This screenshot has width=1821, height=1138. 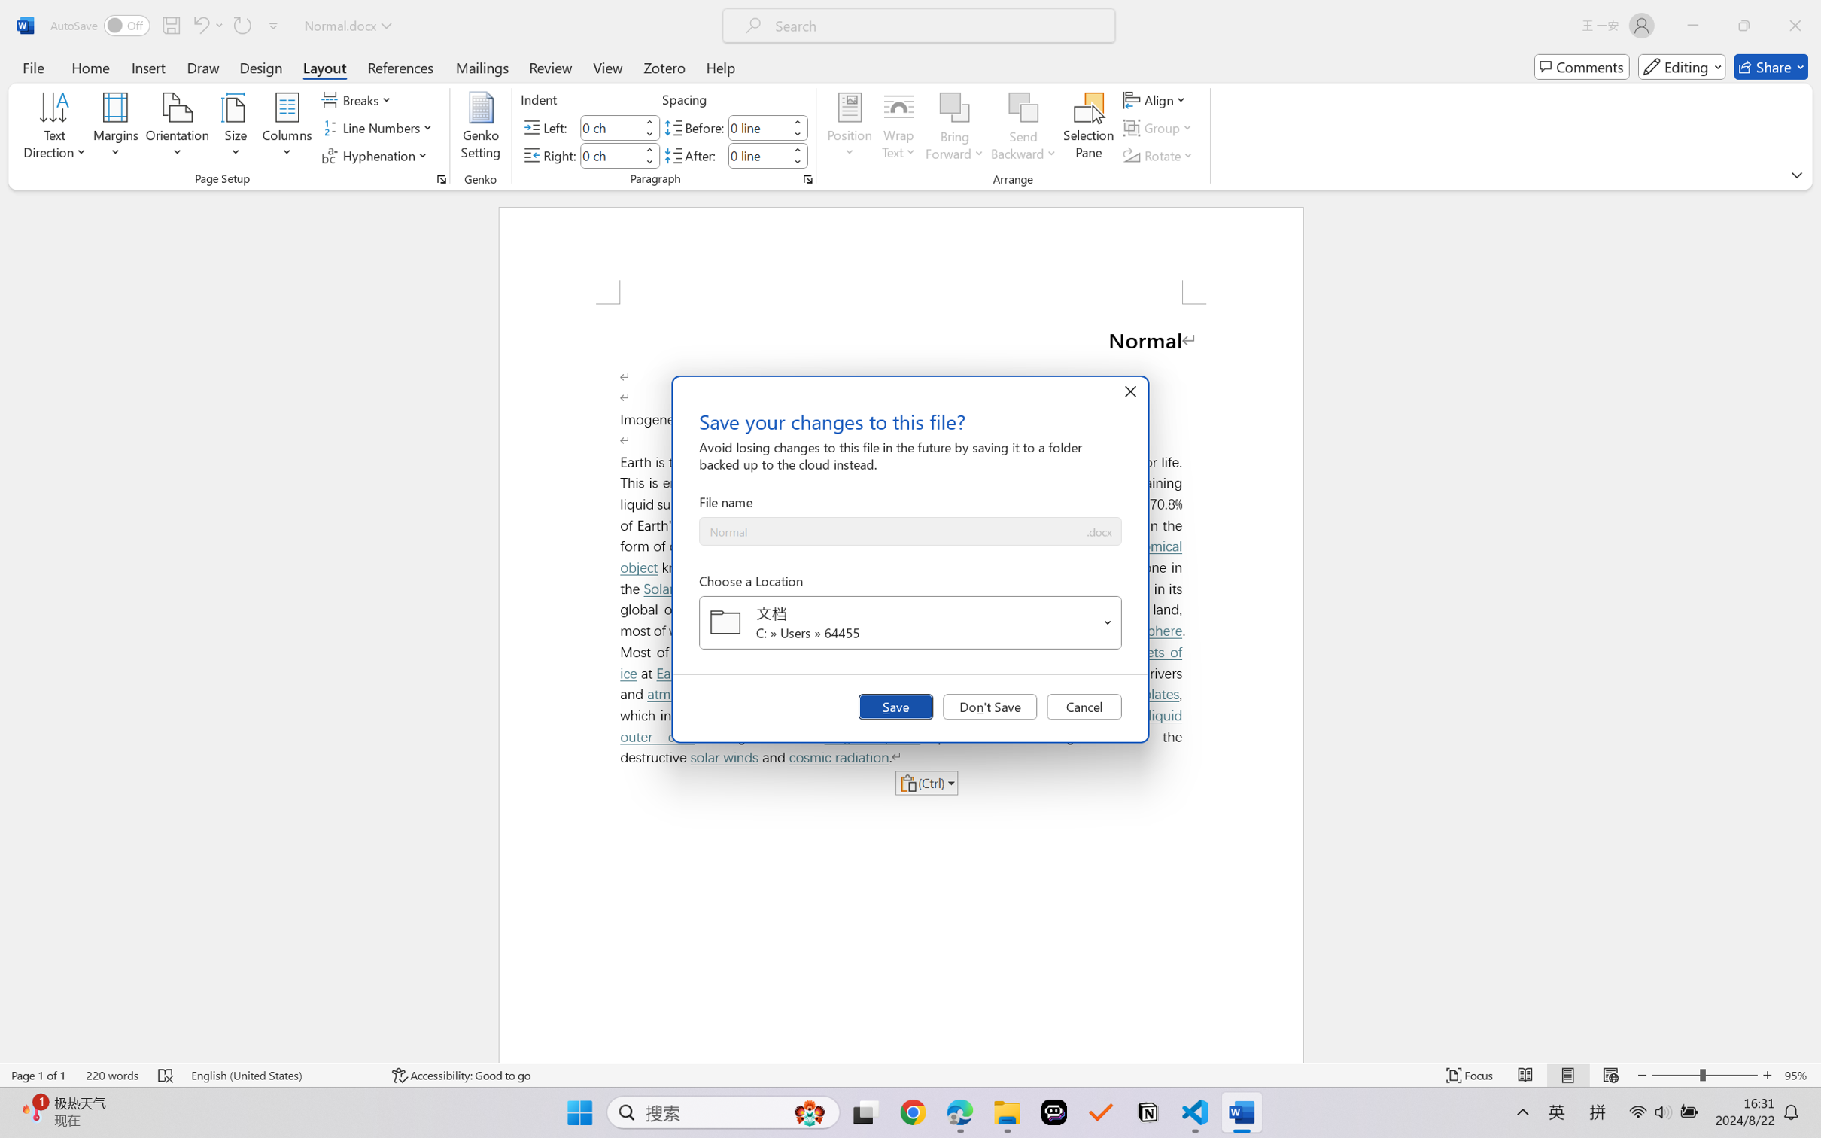 I want to click on 'Indent Left', so click(x=610, y=126).